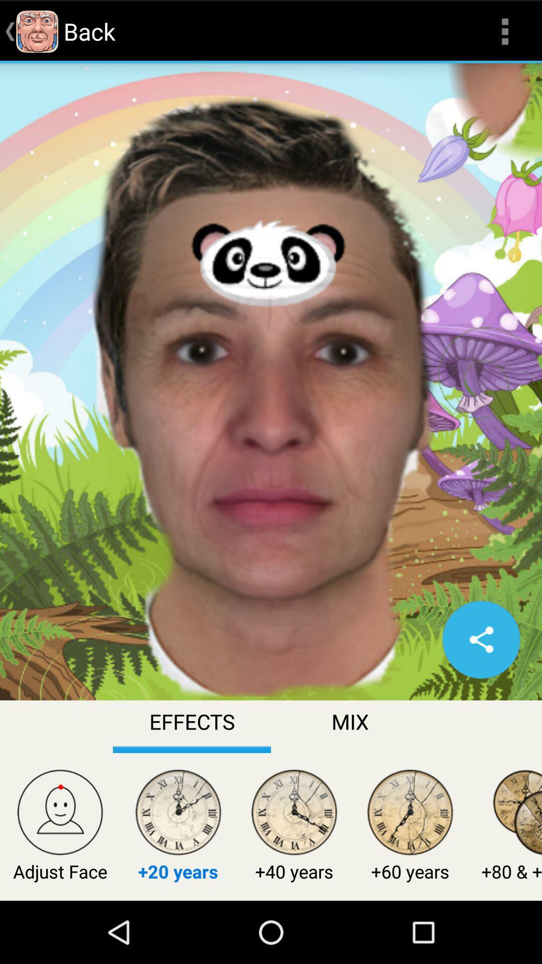  Describe the element at coordinates (294, 814) in the screenshot. I see `the clock which is above the 40 years` at that location.